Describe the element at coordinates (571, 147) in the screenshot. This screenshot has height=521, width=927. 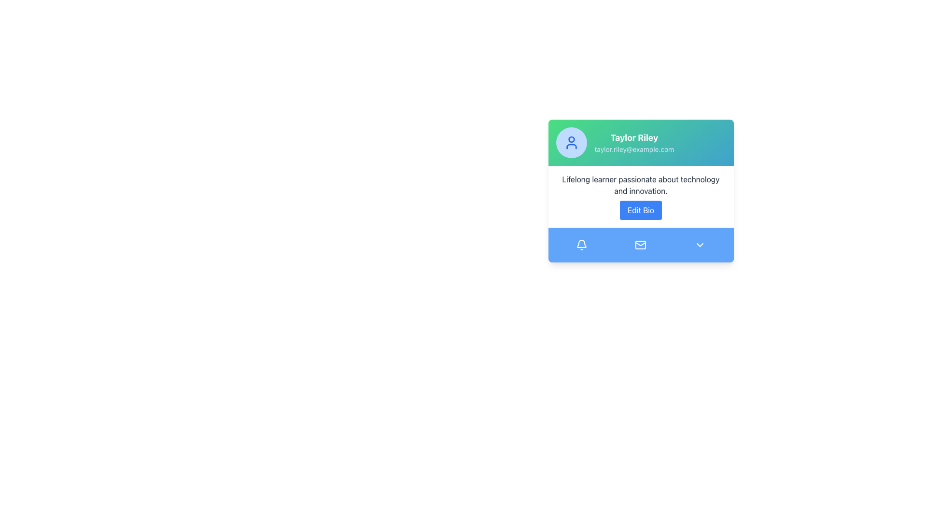
I see `the semi-circular line forming the bottom part of the user avatar icon, styled with a thin black stroke, located in the top left corner of the user profile card` at that location.